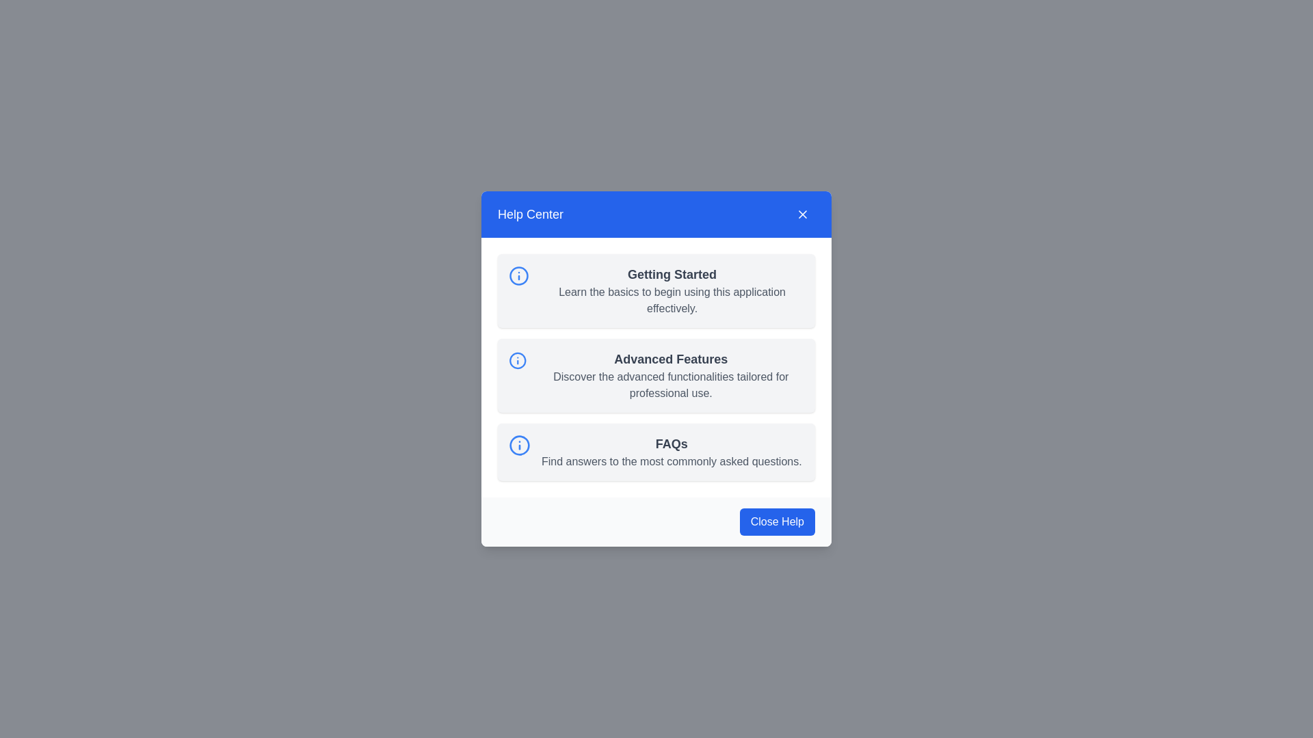 This screenshot has height=738, width=1313. What do you see at coordinates (671, 358) in the screenshot?
I see `the text label displaying 'Advanced Features', which is styled with a bold font and dark gray color, located in the help menu card between 'Getting Started' and 'FAQs'` at bounding box center [671, 358].